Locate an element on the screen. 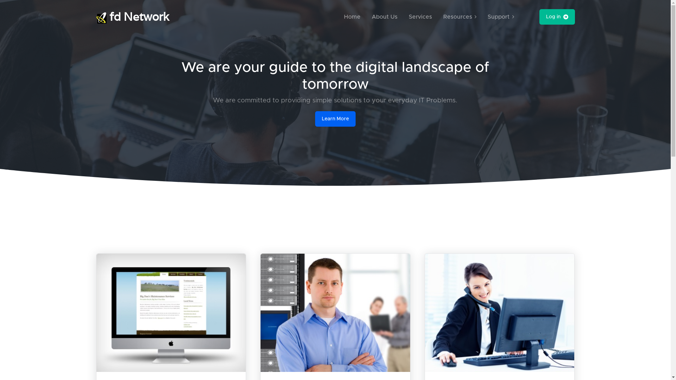 The image size is (676, 380). 'Learn More' is located at coordinates (314, 119).